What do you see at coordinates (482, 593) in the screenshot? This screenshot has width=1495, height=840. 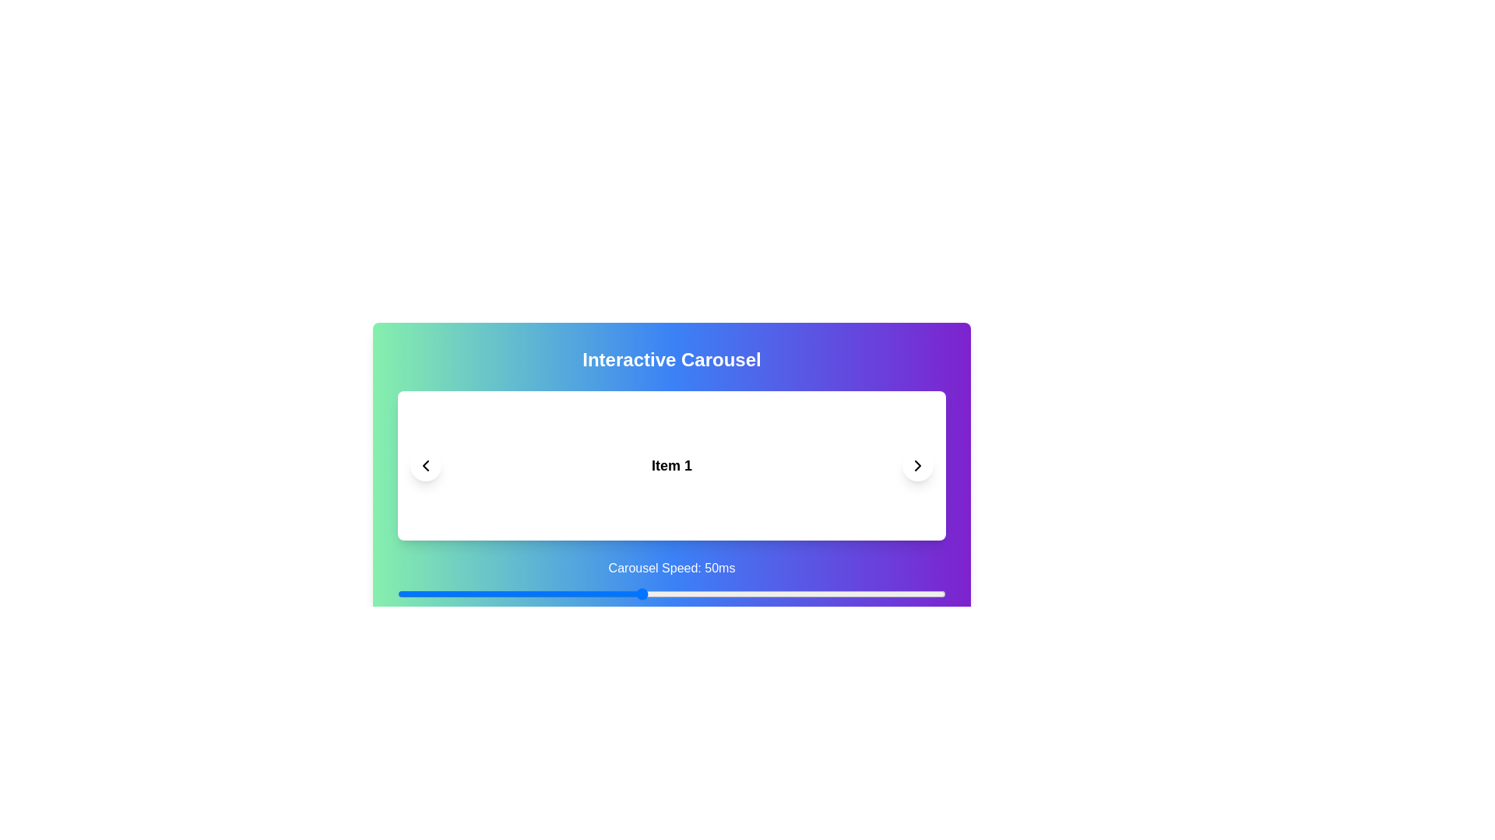 I see `the carousel speed slider to 24 ms` at bounding box center [482, 593].